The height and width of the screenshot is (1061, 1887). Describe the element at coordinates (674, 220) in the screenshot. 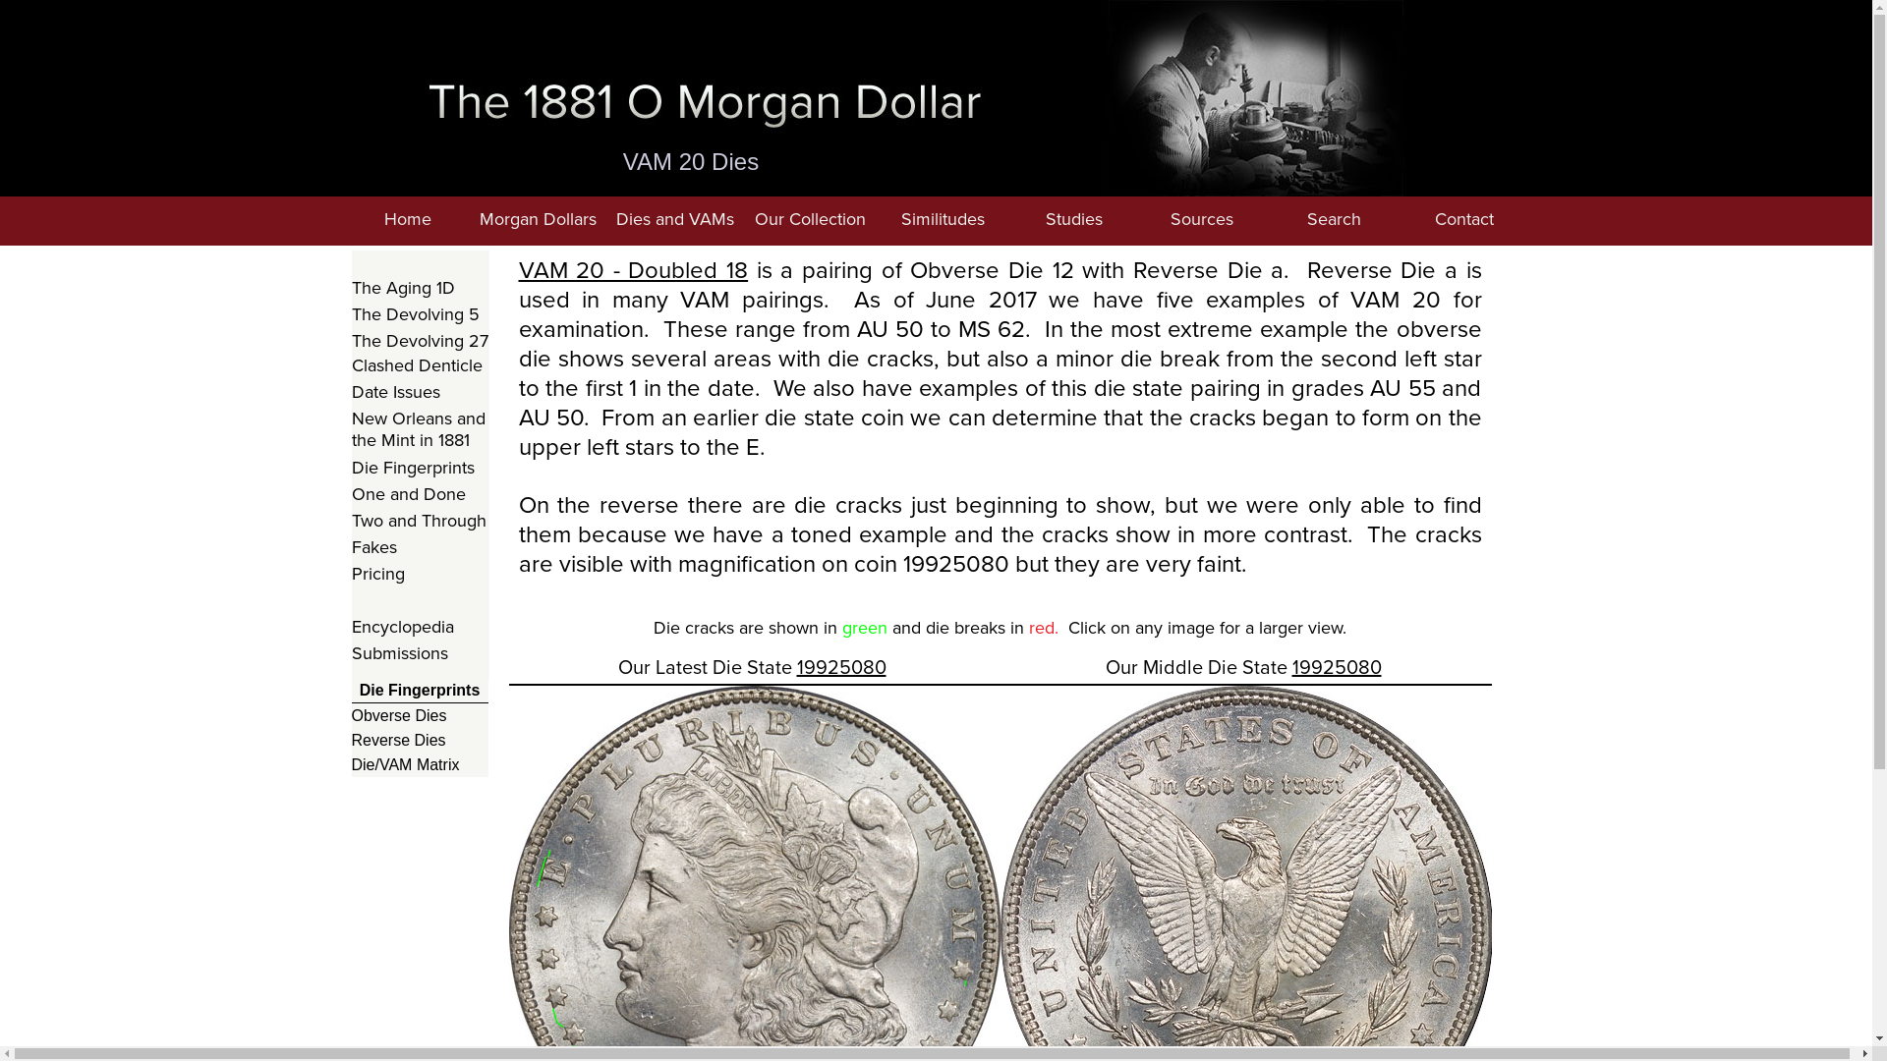

I see `'Dies and VAMs'` at that location.